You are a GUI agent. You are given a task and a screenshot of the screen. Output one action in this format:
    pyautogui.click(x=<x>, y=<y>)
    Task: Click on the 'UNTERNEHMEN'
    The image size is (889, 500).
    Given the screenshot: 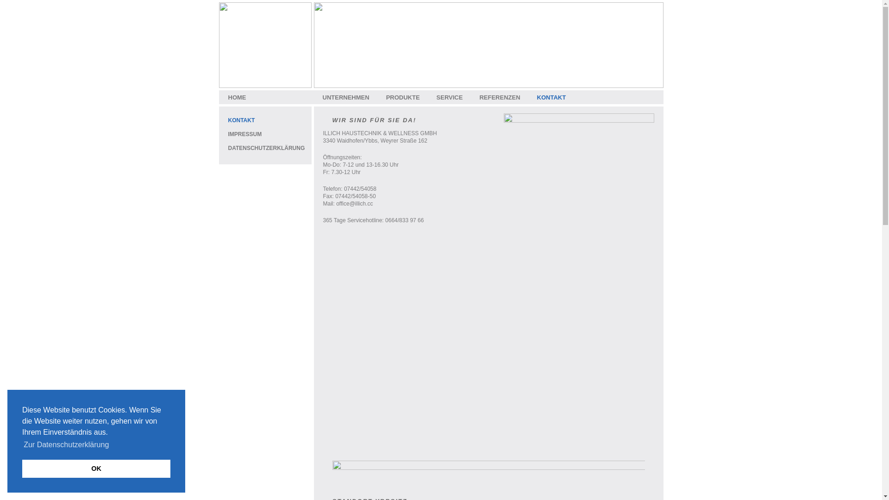 What is the action you would take?
    pyautogui.click(x=345, y=97)
    